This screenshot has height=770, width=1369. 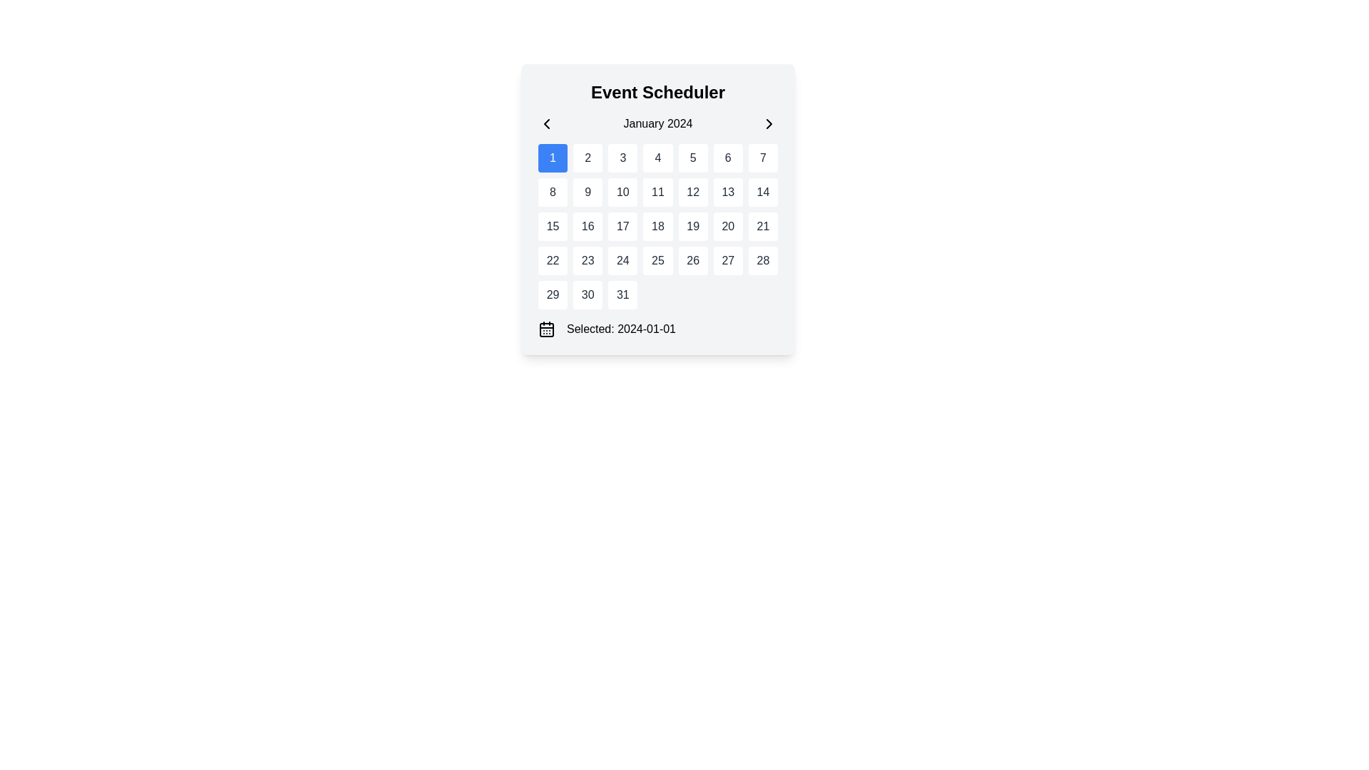 What do you see at coordinates (769, 123) in the screenshot?
I see `the chevron-right indicator graphical icon, which is positioned to the right of the month label 'January 2024' in the calendar interface` at bounding box center [769, 123].